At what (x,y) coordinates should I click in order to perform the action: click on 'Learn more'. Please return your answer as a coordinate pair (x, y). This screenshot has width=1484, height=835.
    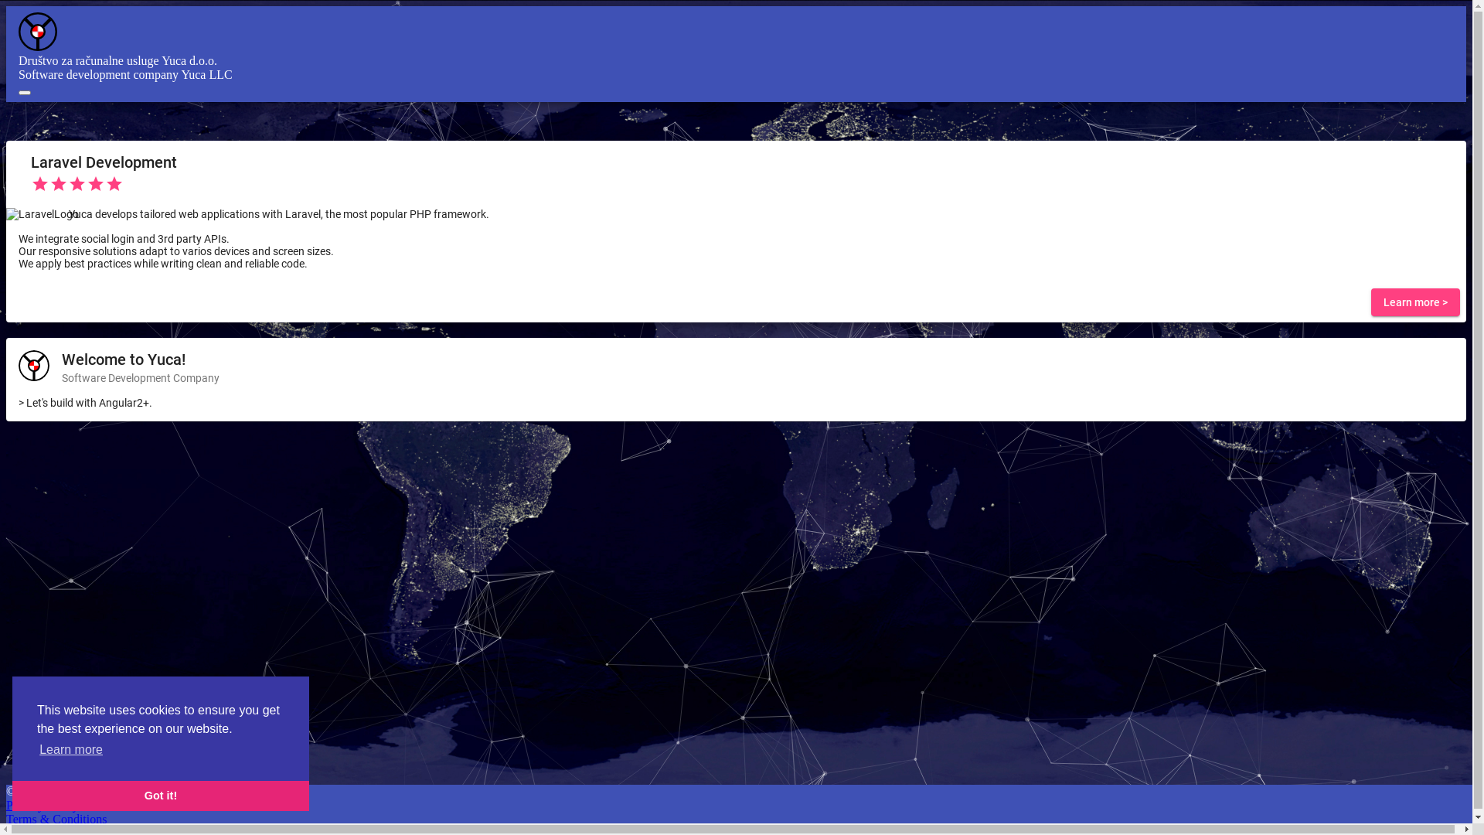
    Looking at the image, I should click on (70, 748).